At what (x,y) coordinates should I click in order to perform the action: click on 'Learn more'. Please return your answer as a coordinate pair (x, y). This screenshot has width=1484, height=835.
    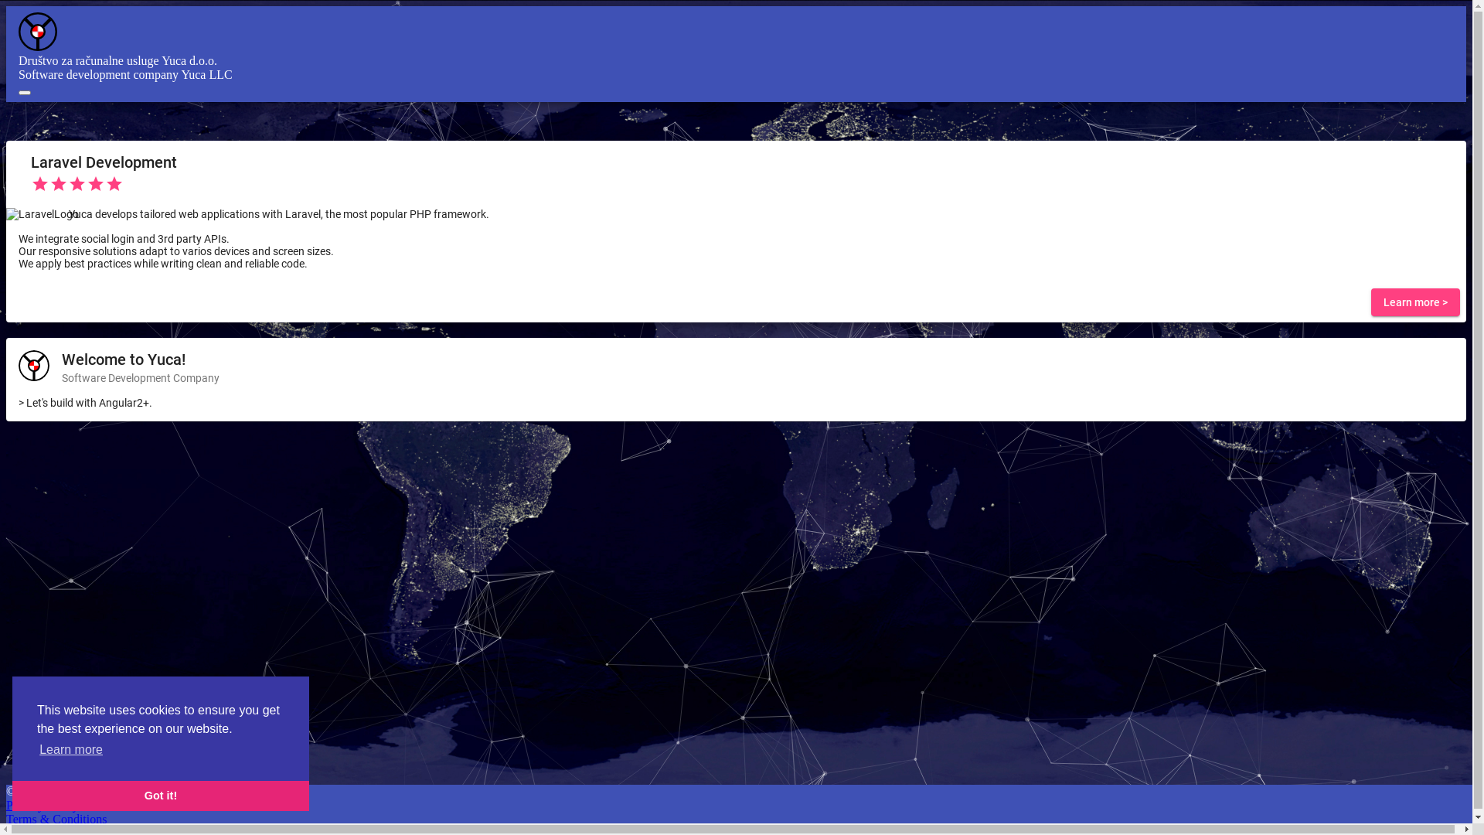
    Looking at the image, I should click on (70, 748).